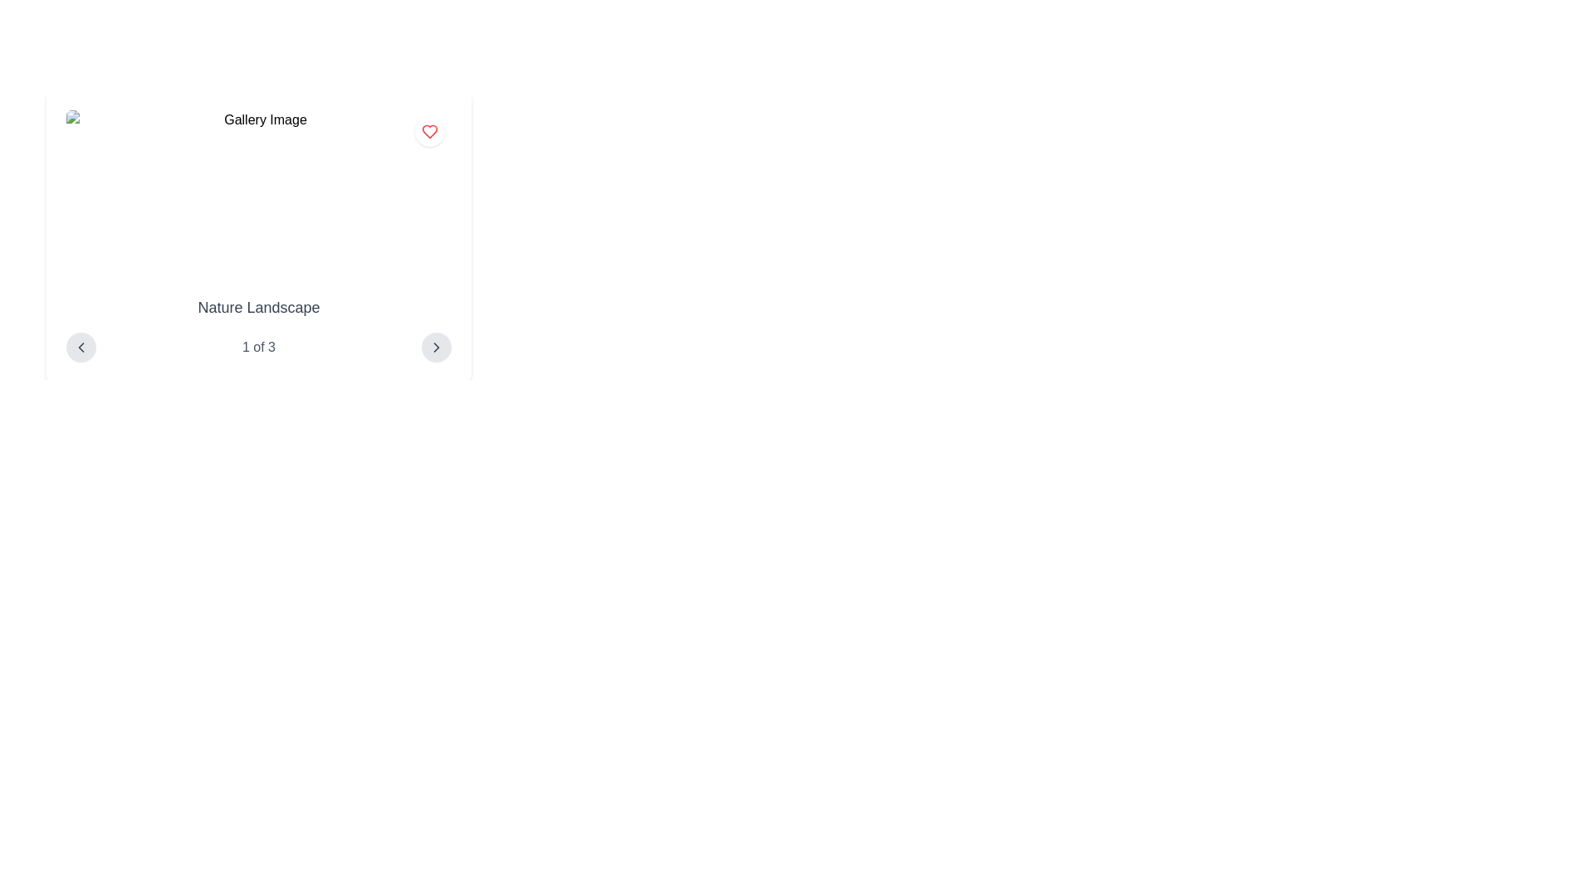  I want to click on the small circular button with a light gray background and a right-facing chevron arrow icon, so click(436, 347).